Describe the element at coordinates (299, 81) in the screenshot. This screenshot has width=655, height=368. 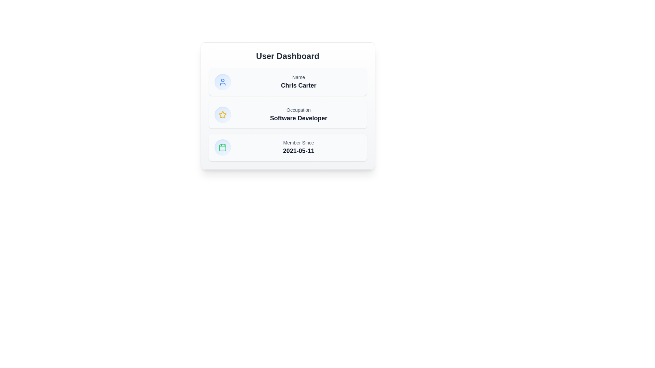
I see `displayed name from the Text display element, which shows the user's name in the User Dashboard UI card, positioned below the user avatar icon` at that location.